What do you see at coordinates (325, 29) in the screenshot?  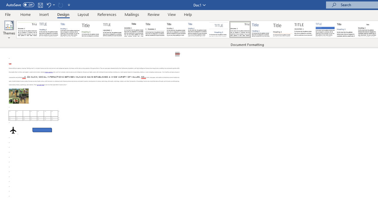 I see `'Shaded'` at bounding box center [325, 29].